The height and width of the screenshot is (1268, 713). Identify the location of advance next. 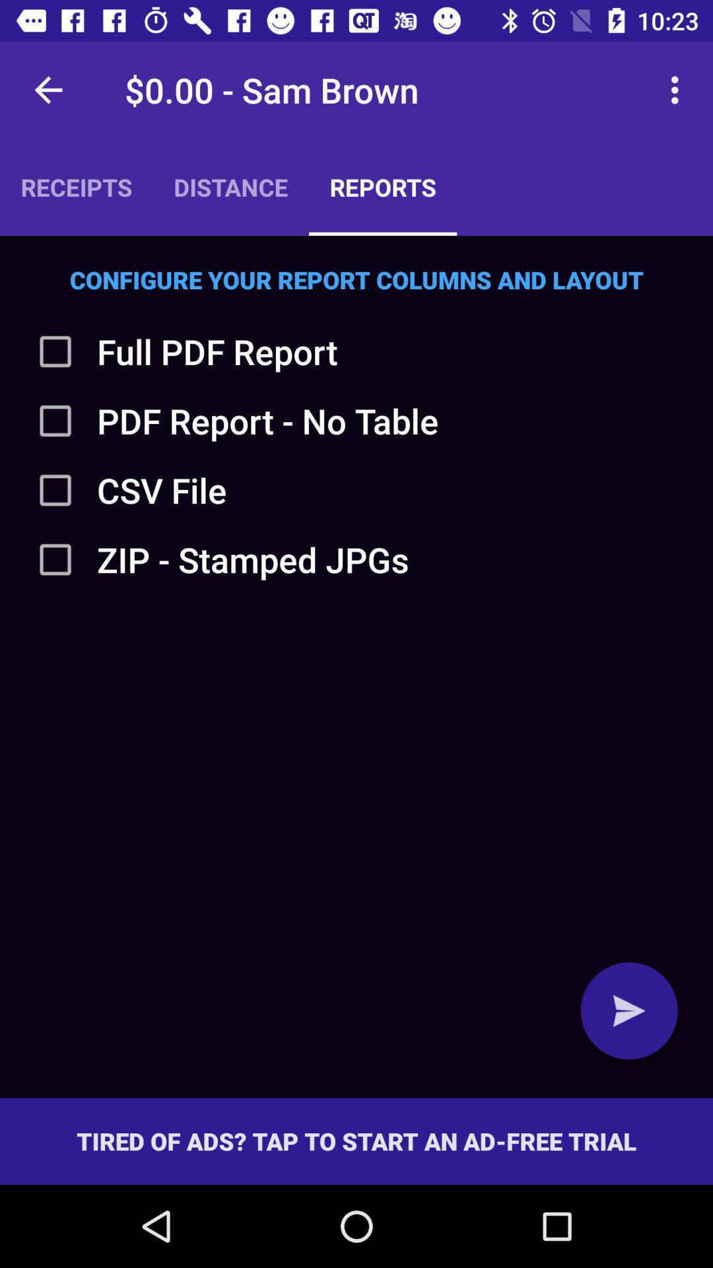
(628, 1010).